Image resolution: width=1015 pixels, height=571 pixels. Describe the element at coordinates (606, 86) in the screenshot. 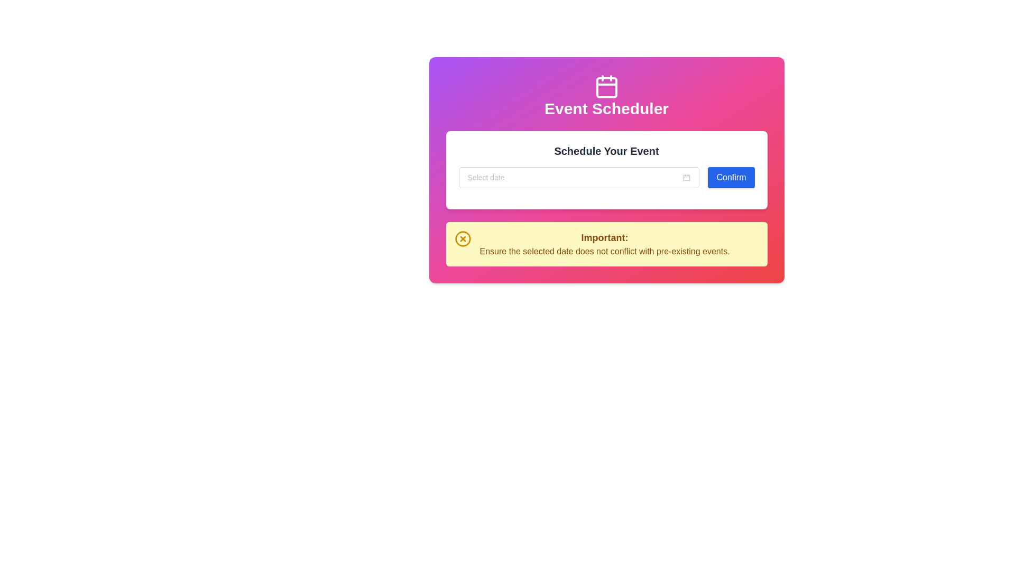

I see `the calendar icon with a white outline on a pink background, located at the top-center of the interface above the 'Event Scheduler' text label` at that location.